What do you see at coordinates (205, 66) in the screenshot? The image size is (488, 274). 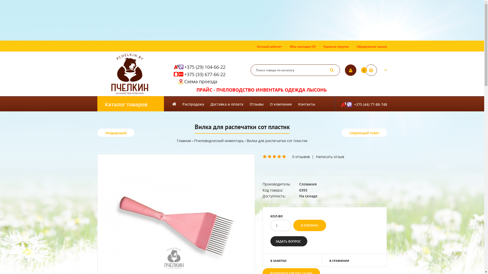 I see `'+375 (29) 104-66-22'` at bounding box center [205, 66].